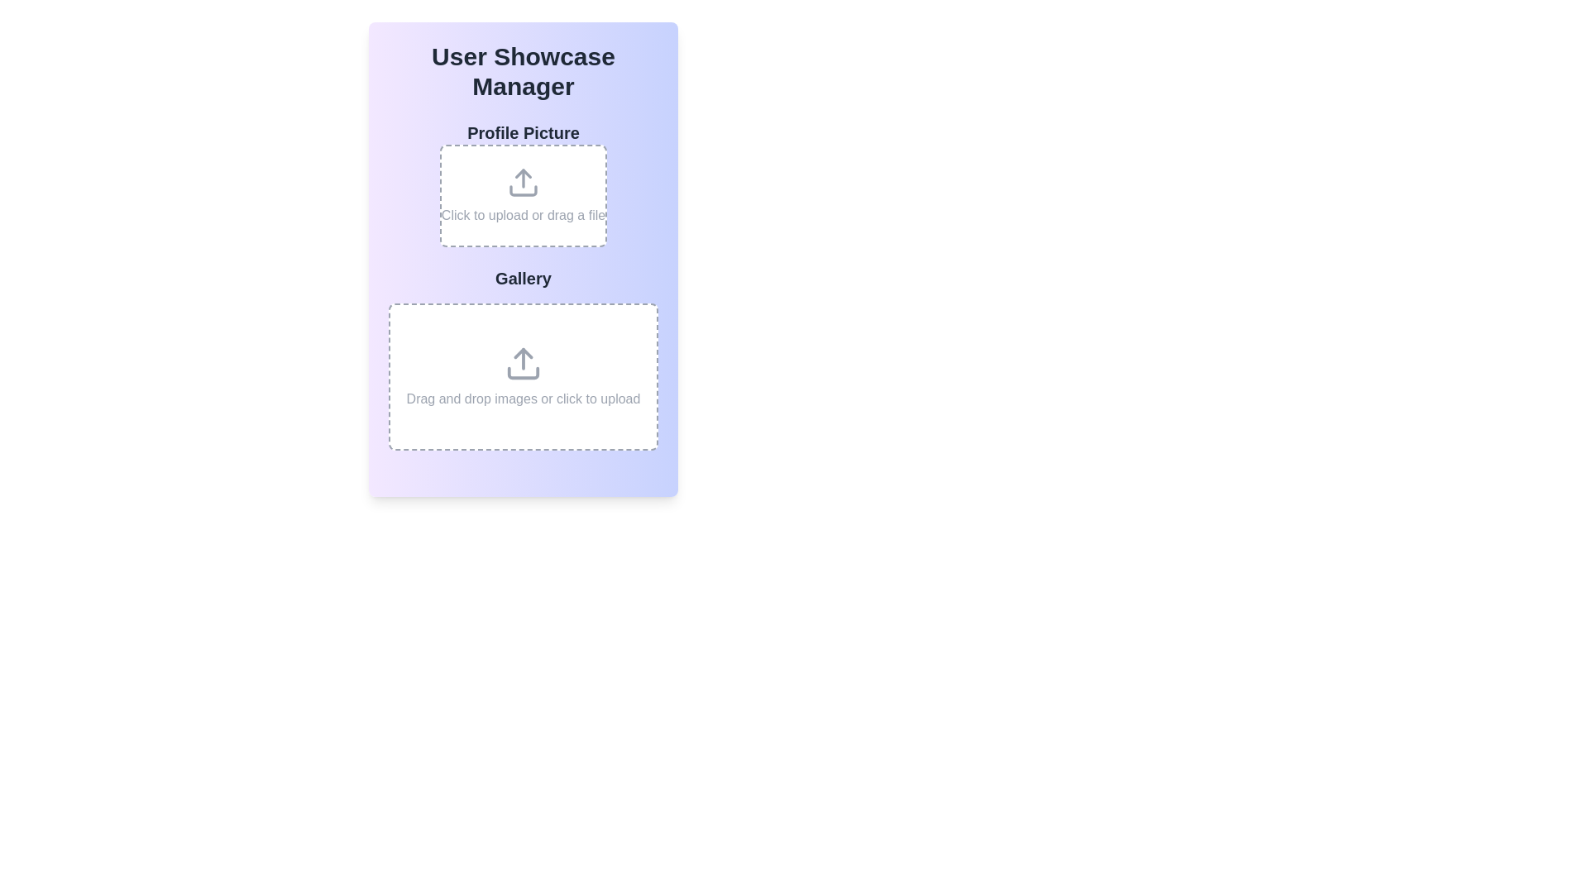  What do you see at coordinates (523, 399) in the screenshot?
I see `the static text element that reads 'Drag and drop images or click to upload', which is located below the 'Gallery' bordered area` at bounding box center [523, 399].